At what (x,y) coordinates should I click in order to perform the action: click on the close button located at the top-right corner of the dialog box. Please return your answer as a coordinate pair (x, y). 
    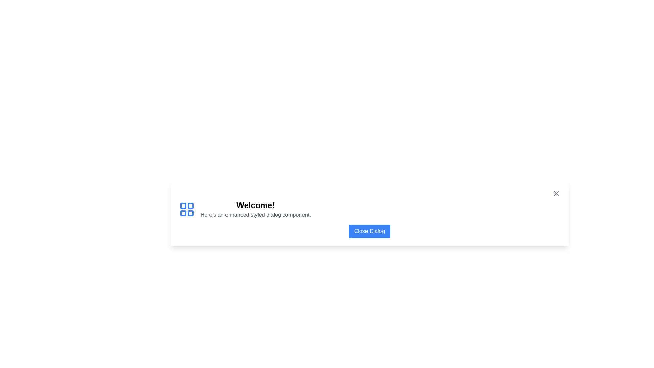
    Looking at the image, I should click on (556, 193).